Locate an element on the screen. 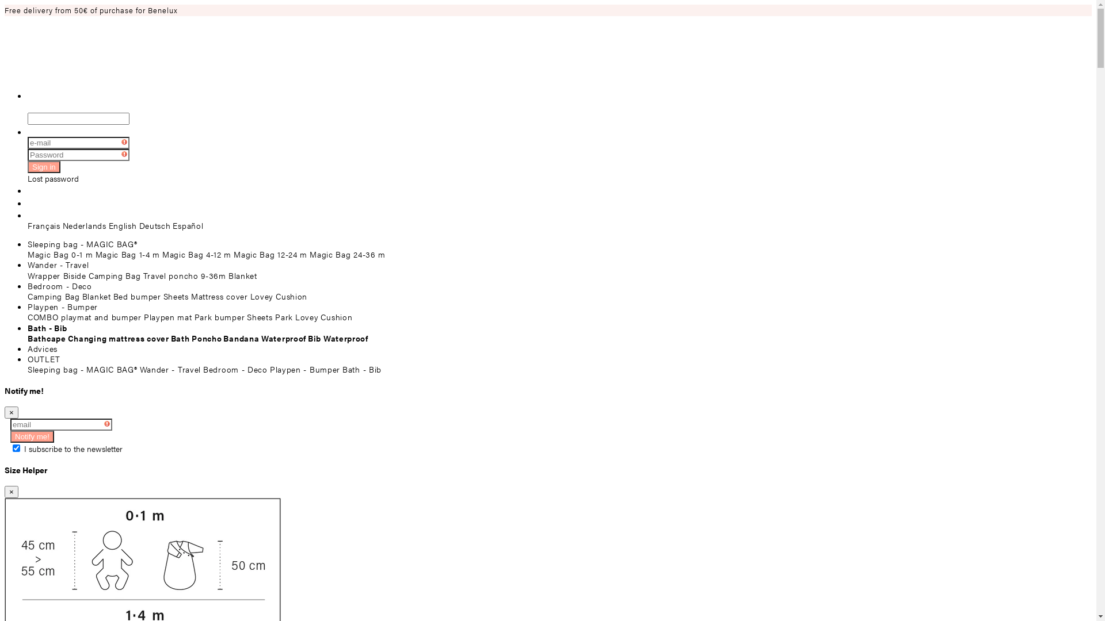 The image size is (1105, 621). 'Notify me!' is located at coordinates (32, 436).